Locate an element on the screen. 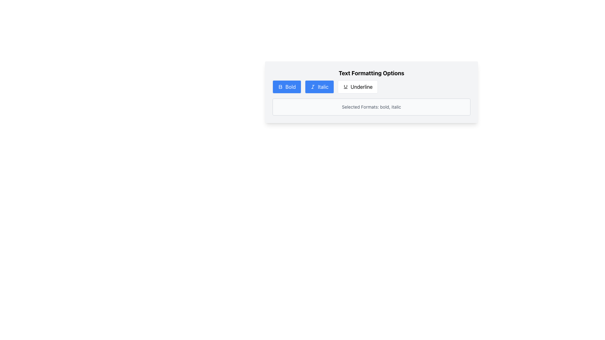 This screenshot has width=605, height=340. the 'Underline' button, which is the third button in a horizontal group of 'Bold', 'Italic', and 'Underline' is located at coordinates (358, 87).